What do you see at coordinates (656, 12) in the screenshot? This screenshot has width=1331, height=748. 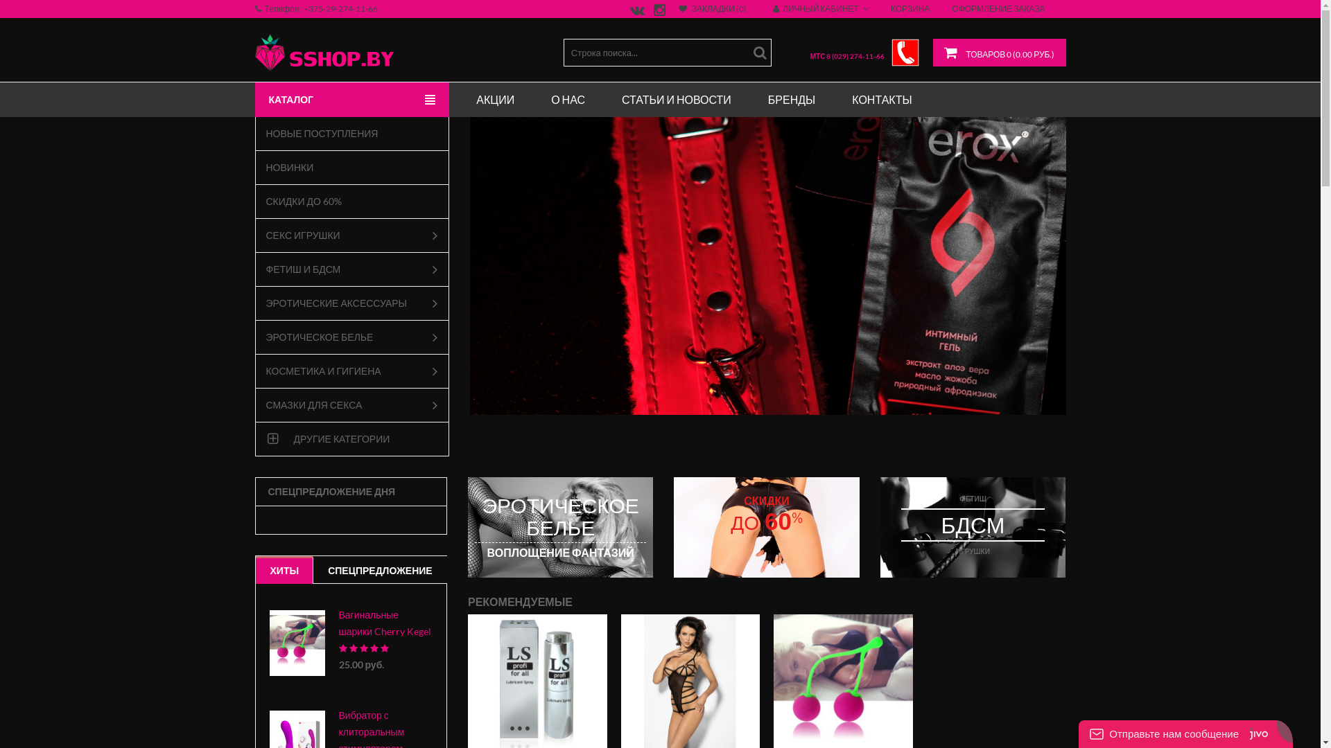 I see `'instagram'` at bounding box center [656, 12].